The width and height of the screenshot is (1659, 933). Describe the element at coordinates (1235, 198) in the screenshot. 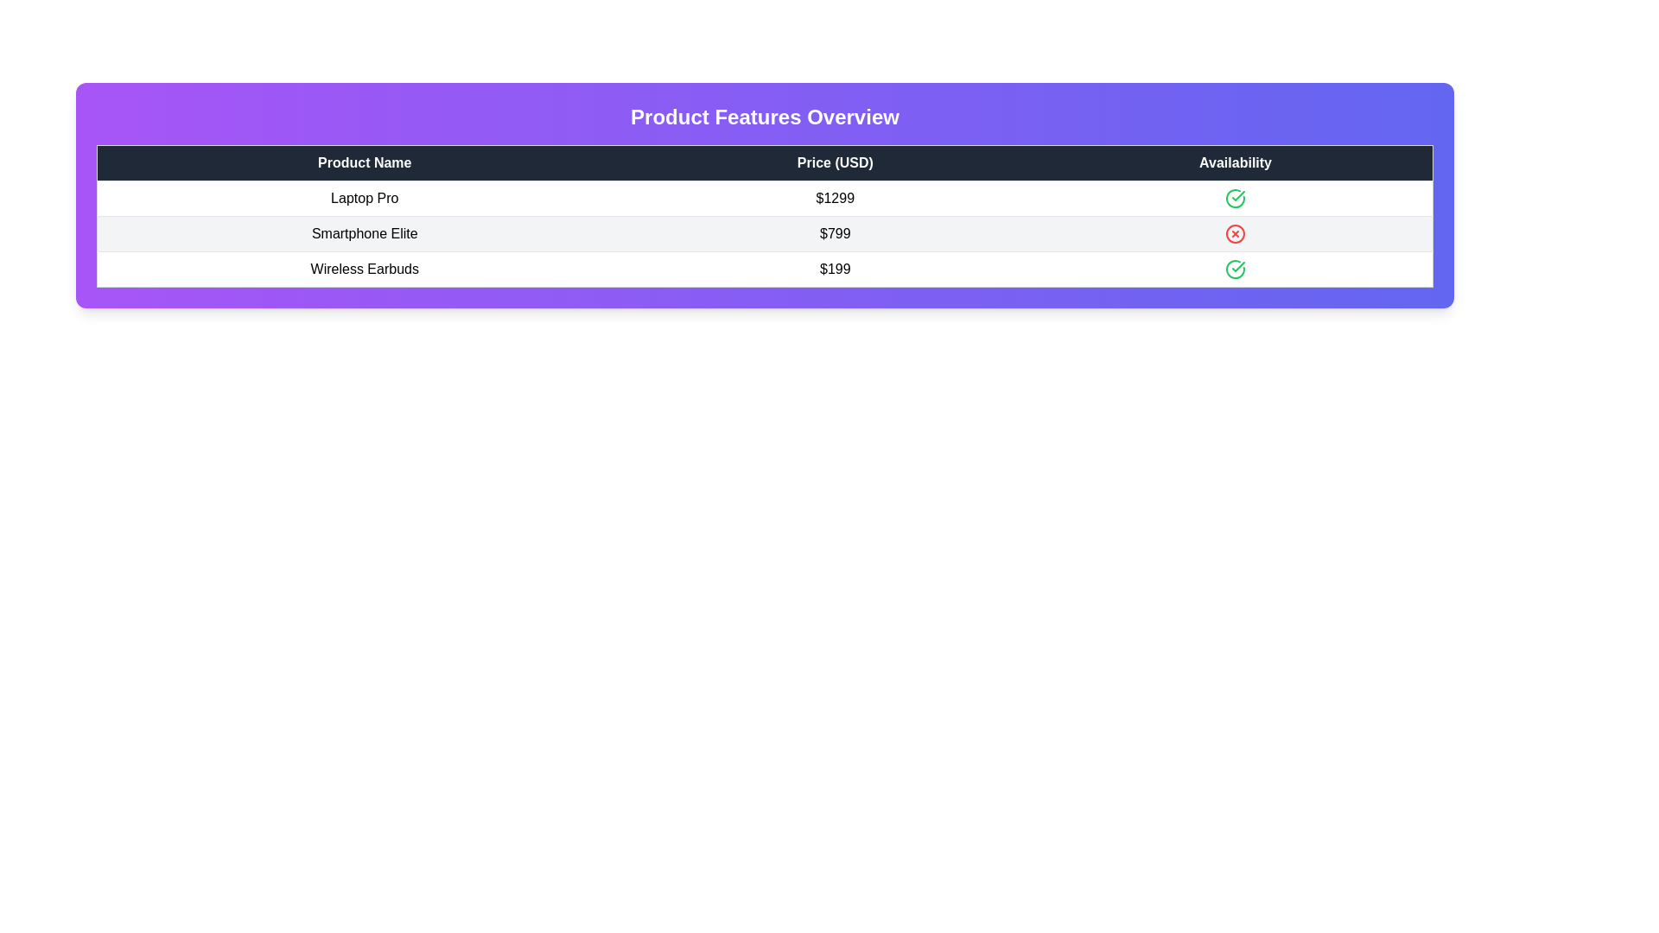

I see `the green circular availability icon with a checkmark located in the 'Availability' column of the 'Laptop Pro' row by moving to its center point` at that location.